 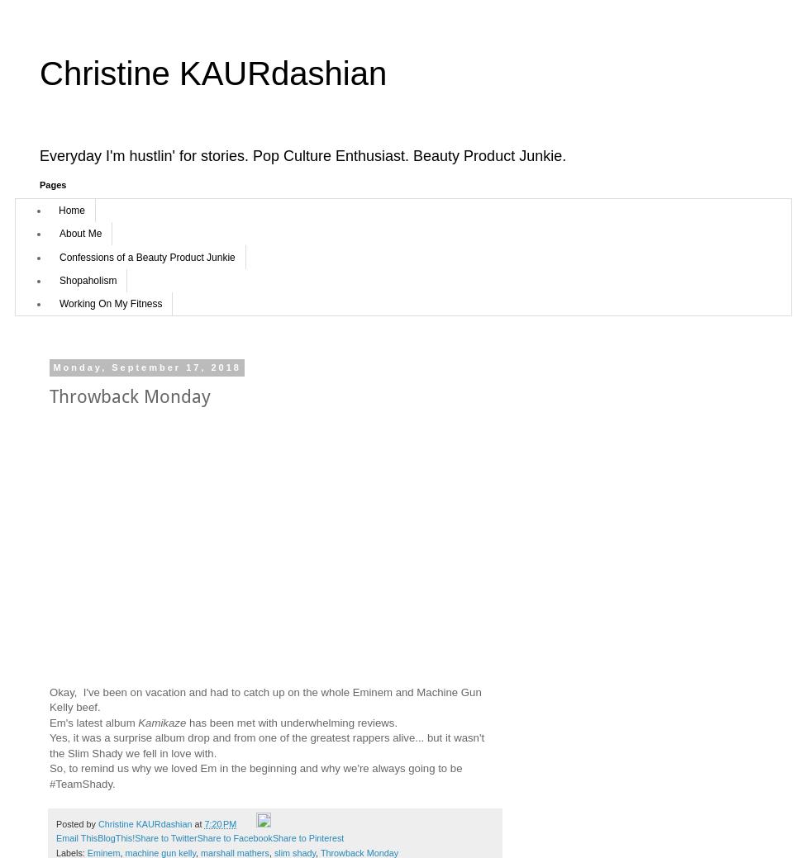 What do you see at coordinates (302, 154) in the screenshot?
I see `'Everyday I'm hustlin' for stories.
Pop Culture Enthusiast.
Beauty Product Junkie.'` at bounding box center [302, 154].